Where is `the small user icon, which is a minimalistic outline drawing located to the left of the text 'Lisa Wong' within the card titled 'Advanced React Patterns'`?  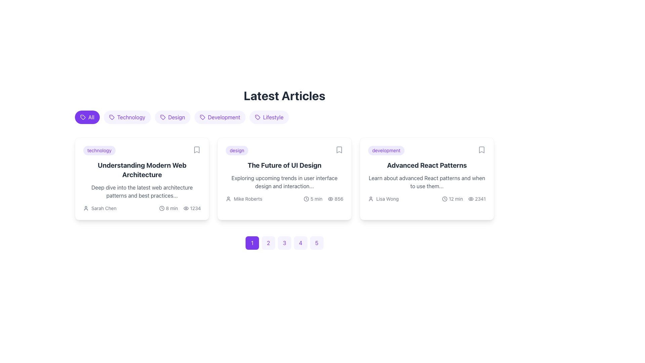 the small user icon, which is a minimalistic outline drawing located to the left of the text 'Lisa Wong' within the card titled 'Advanced React Patterns' is located at coordinates (371, 198).